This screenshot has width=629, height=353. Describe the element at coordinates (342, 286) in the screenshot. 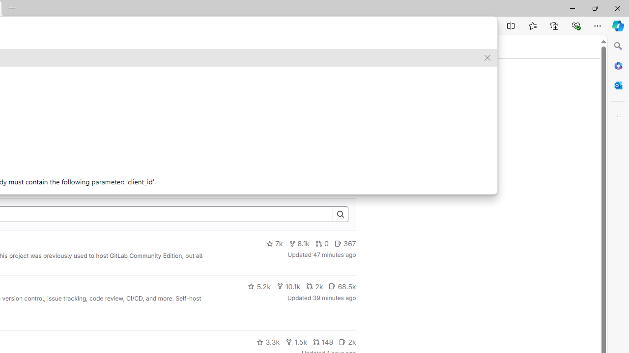

I see `'68.5k'` at that location.